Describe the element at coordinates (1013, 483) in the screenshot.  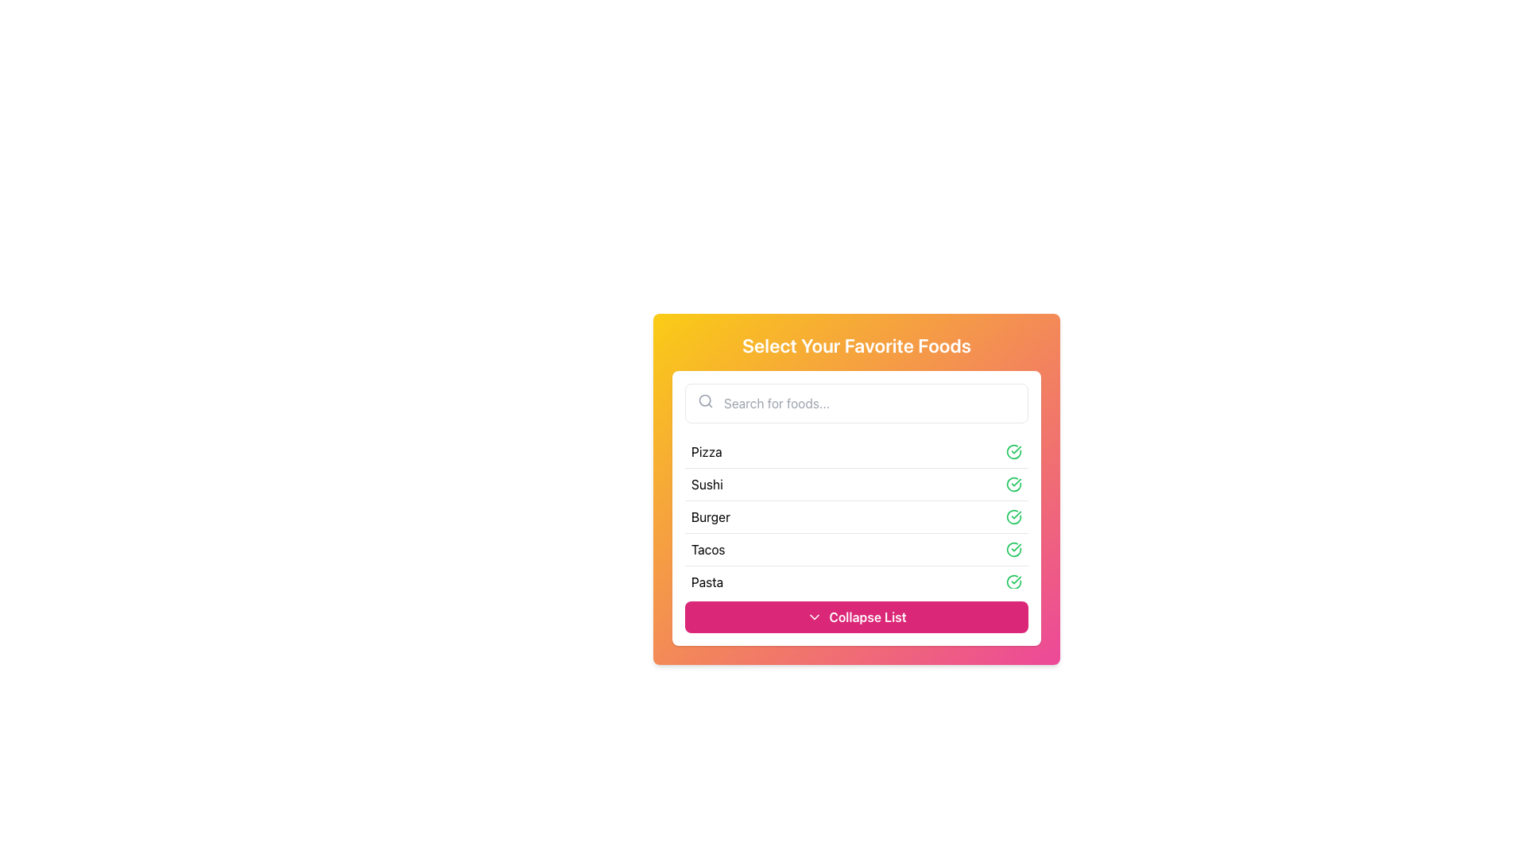
I see `the selection confirmation icon for the 'Sushi' item, located at the far right of the 'Sushi' row adjacent to its text label` at that location.